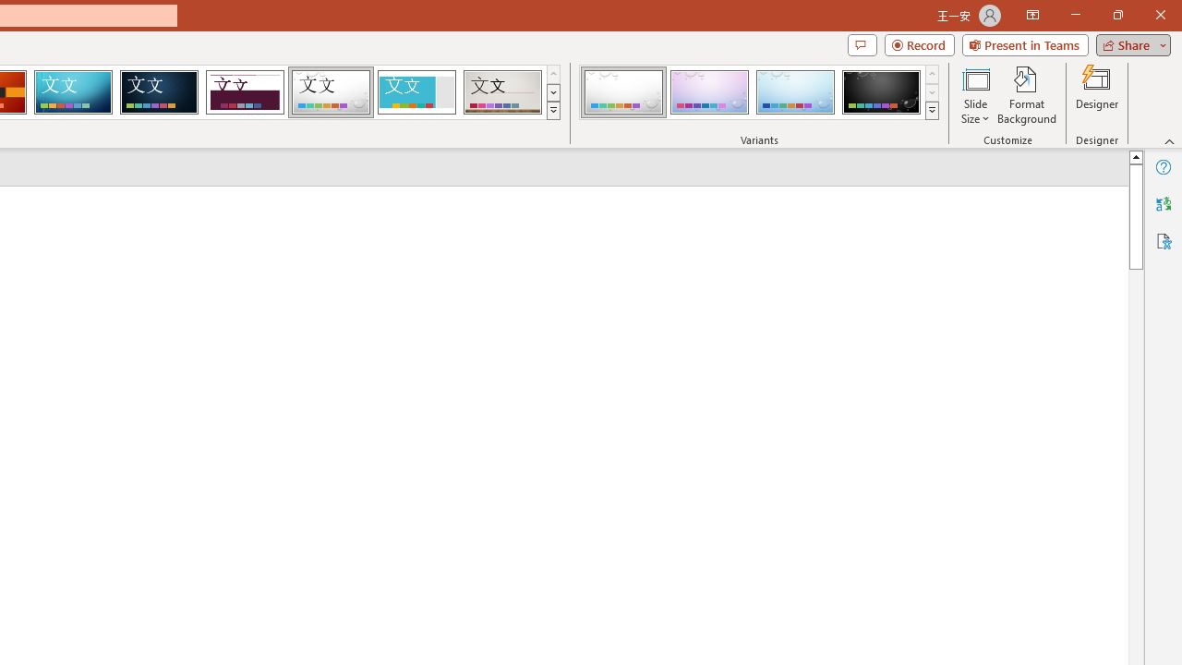 This screenshot has width=1182, height=665. What do you see at coordinates (1026, 95) in the screenshot?
I see `'Format Background'` at bounding box center [1026, 95].